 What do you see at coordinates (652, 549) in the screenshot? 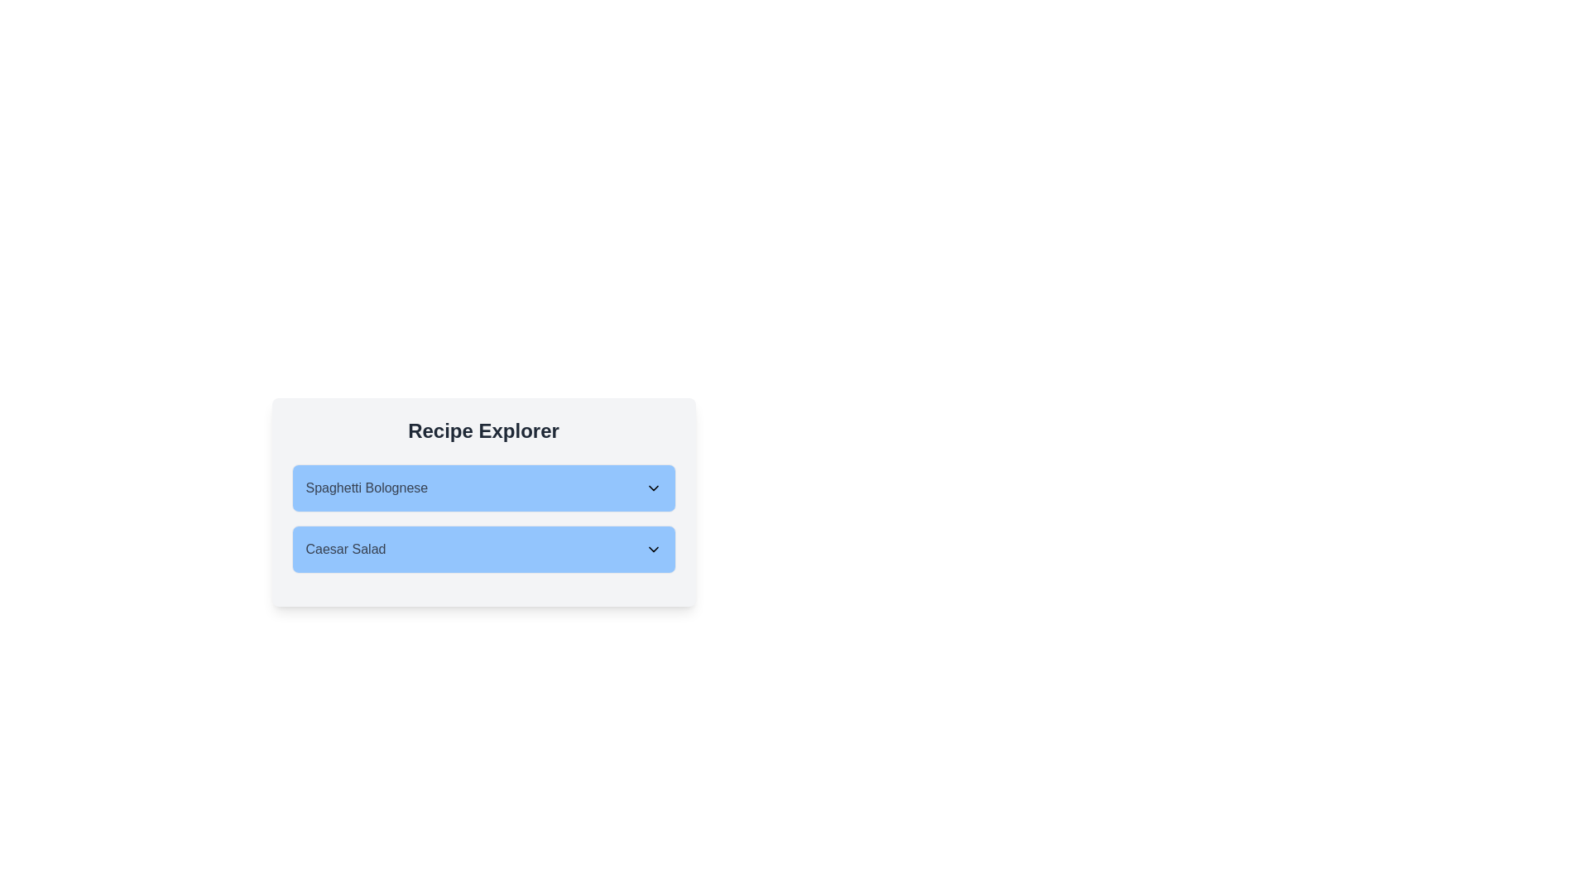
I see `the downward-pointing chevron icon on the right side of the 'Caesar Salad' blue bar` at bounding box center [652, 549].